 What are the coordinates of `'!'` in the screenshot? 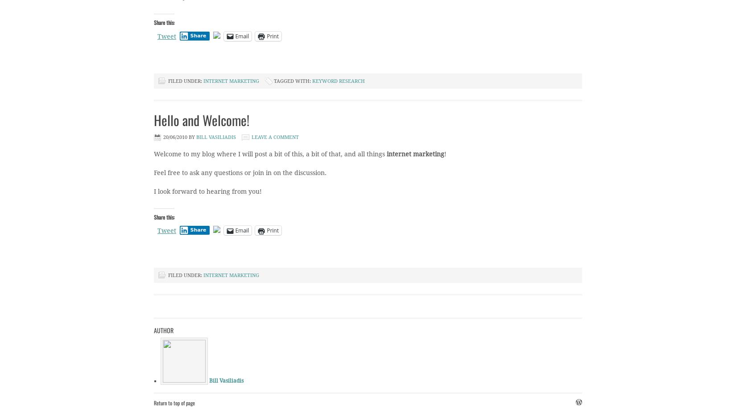 It's located at (444, 153).